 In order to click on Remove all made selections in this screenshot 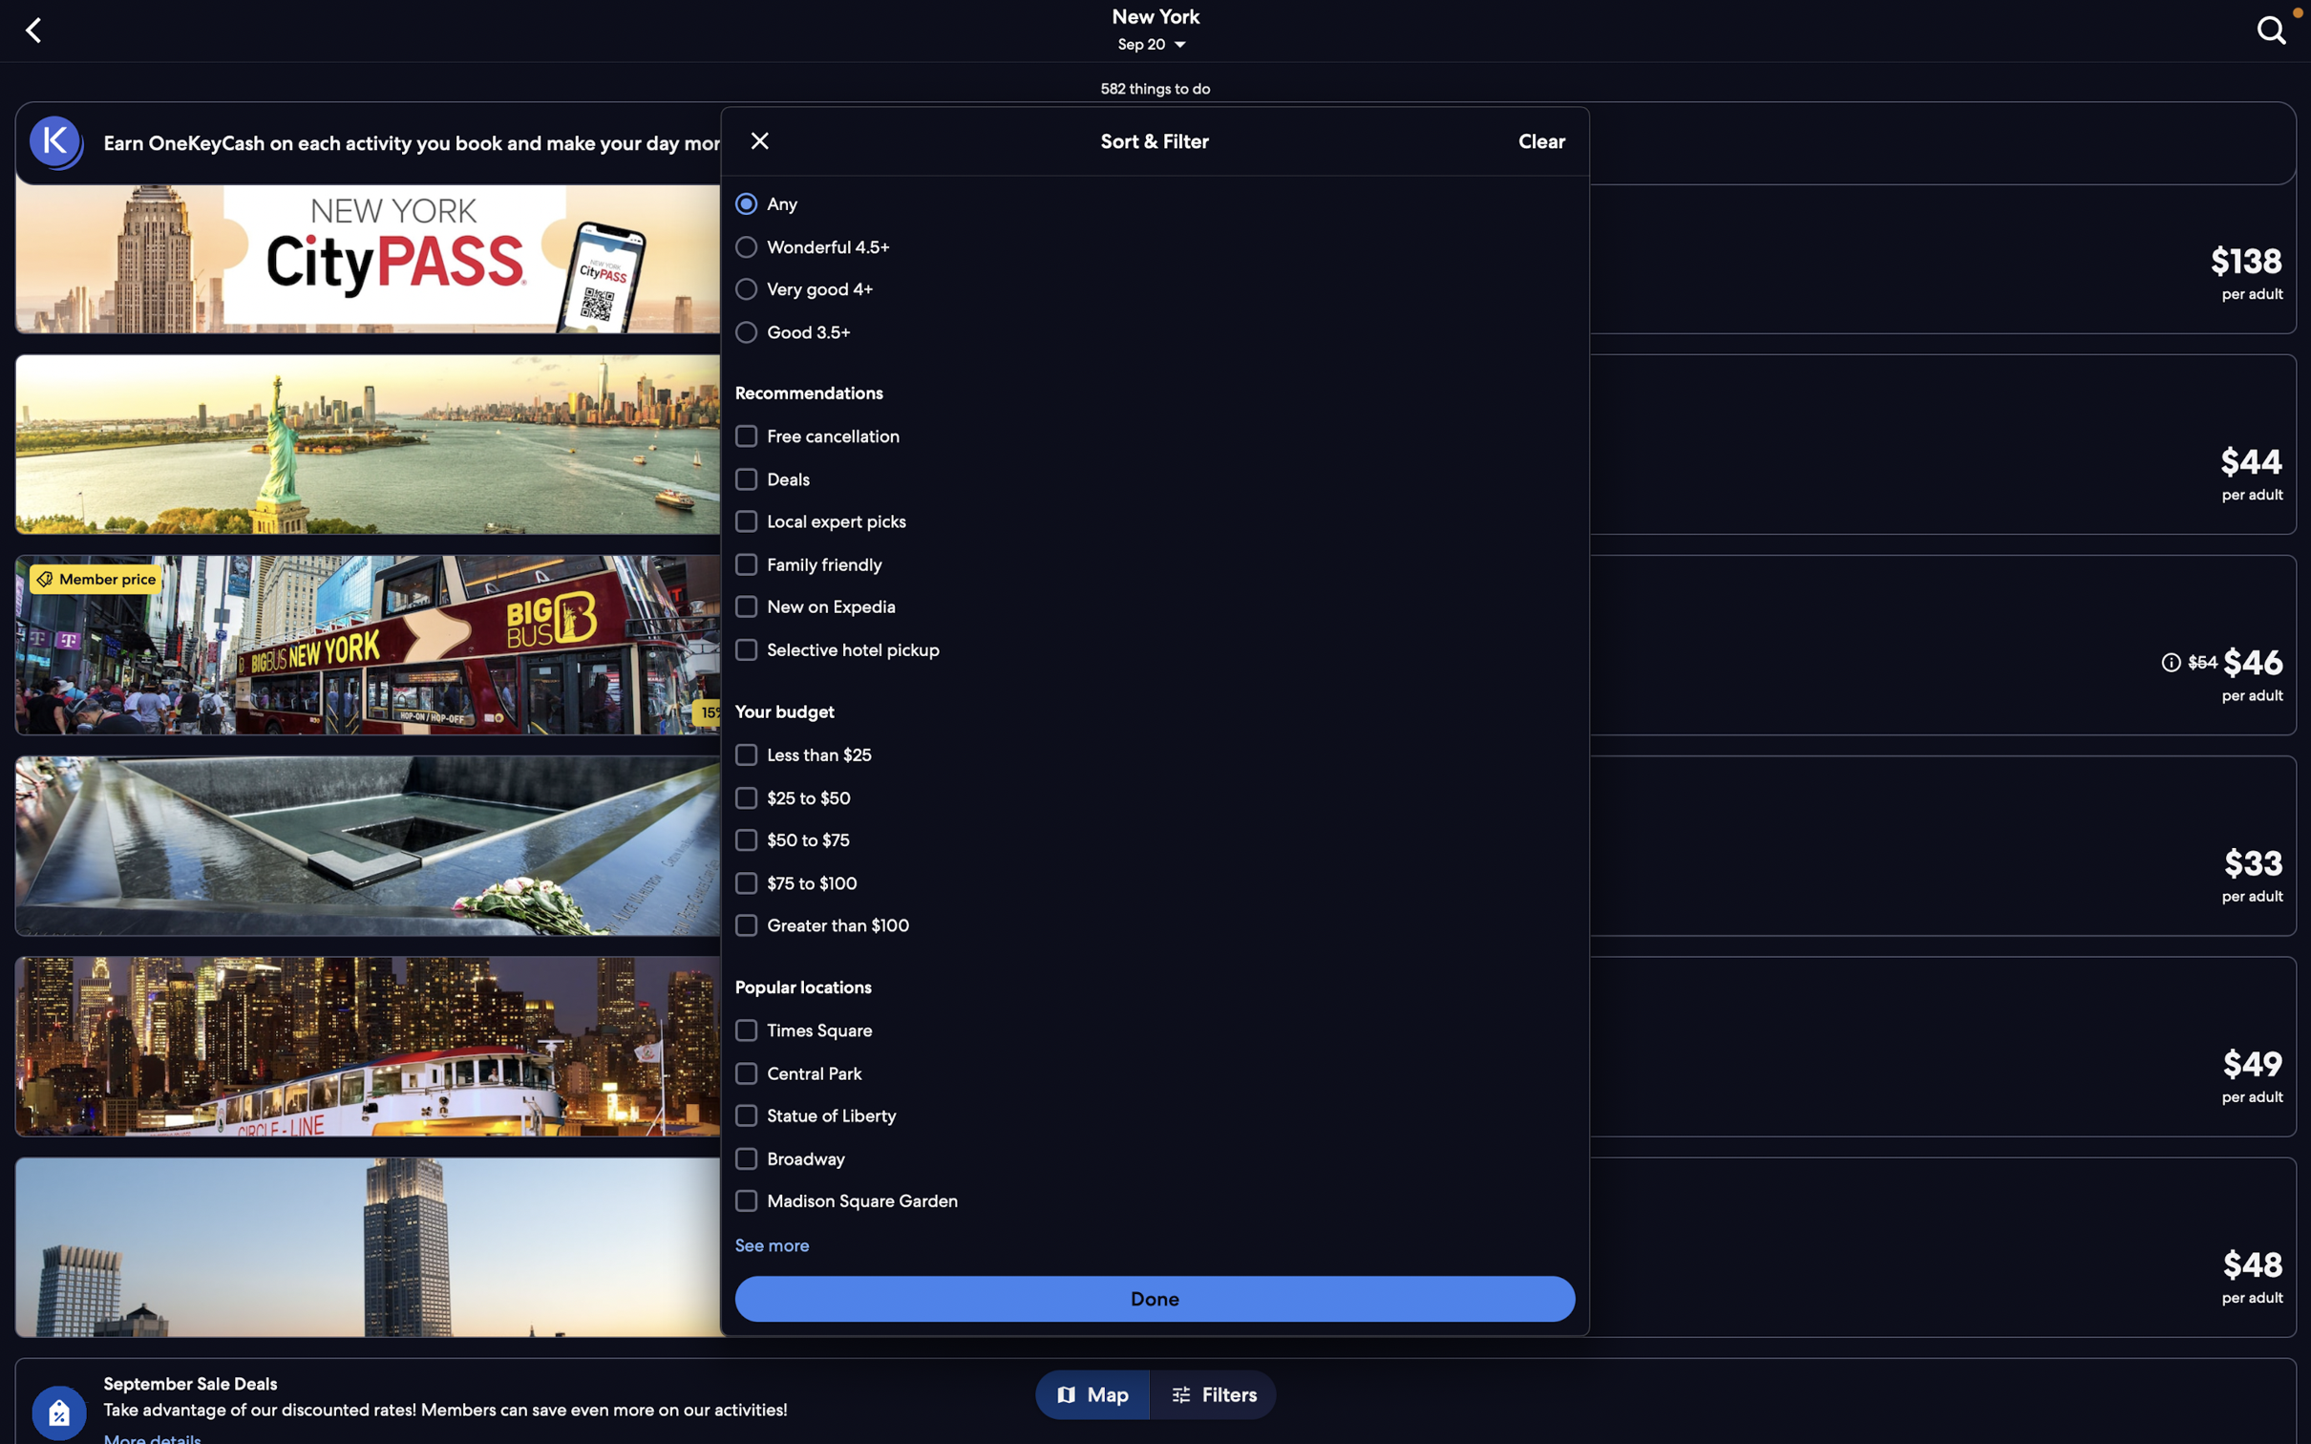, I will do `click(1539, 141)`.